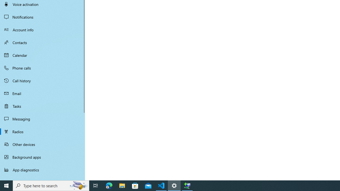 This screenshot has height=191, width=340. What do you see at coordinates (42, 67) in the screenshot?
I see `'Phone calls'` at bounding box center [42, 67].